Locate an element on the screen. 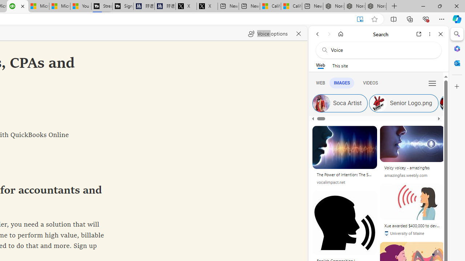 The width and height of the screenshot is (465, 261). 'Nordace - Siena Pro 15 Essential Set' is located at coordinates (376, 6).